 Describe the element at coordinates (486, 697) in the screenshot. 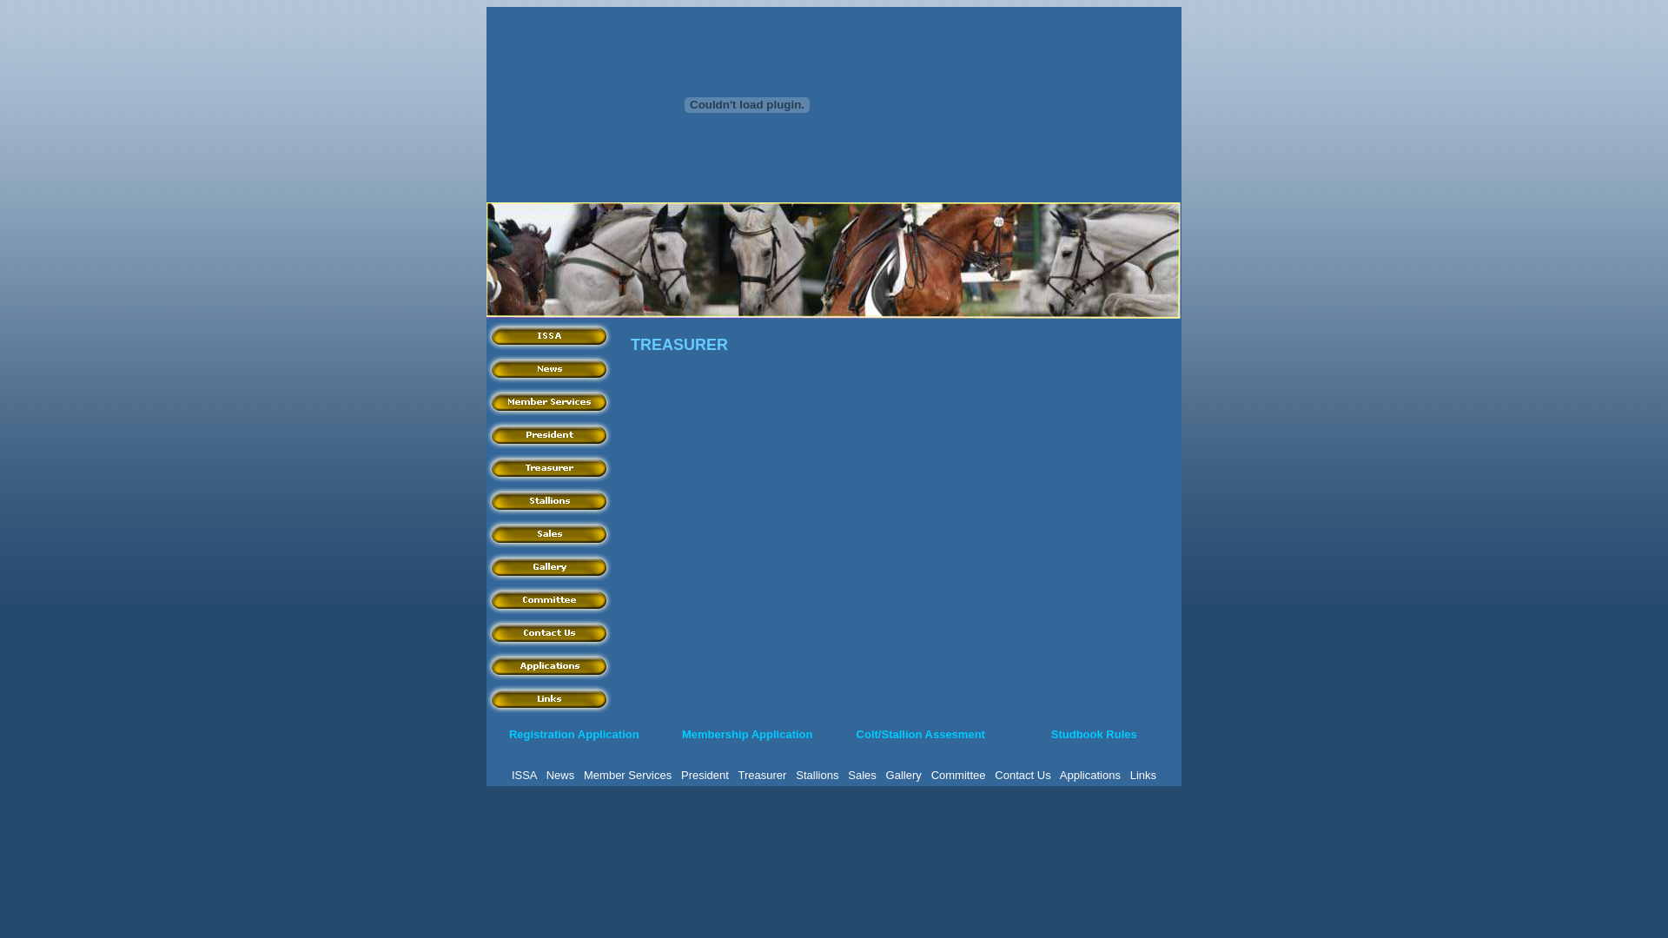

I see `'Links'` at that location.